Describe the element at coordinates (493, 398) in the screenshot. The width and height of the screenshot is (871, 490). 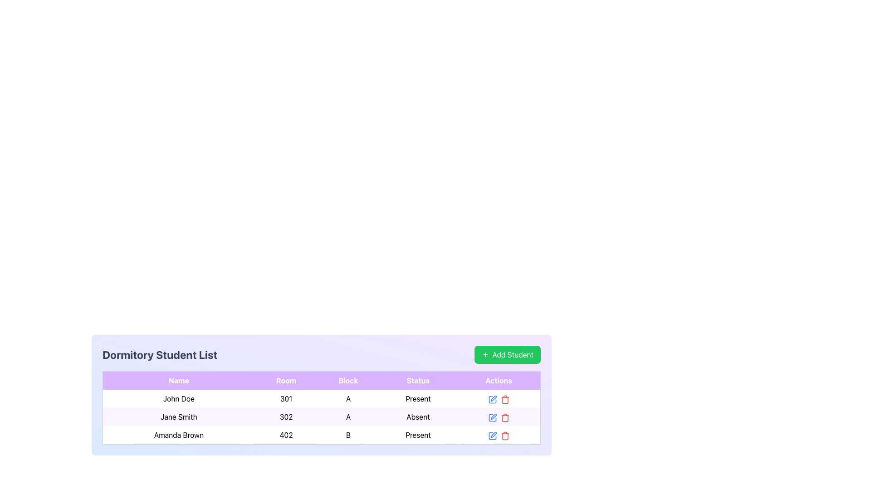
I see `the pen icon button located in the 'Actions' column of the table for 'John Doe'` at that location.